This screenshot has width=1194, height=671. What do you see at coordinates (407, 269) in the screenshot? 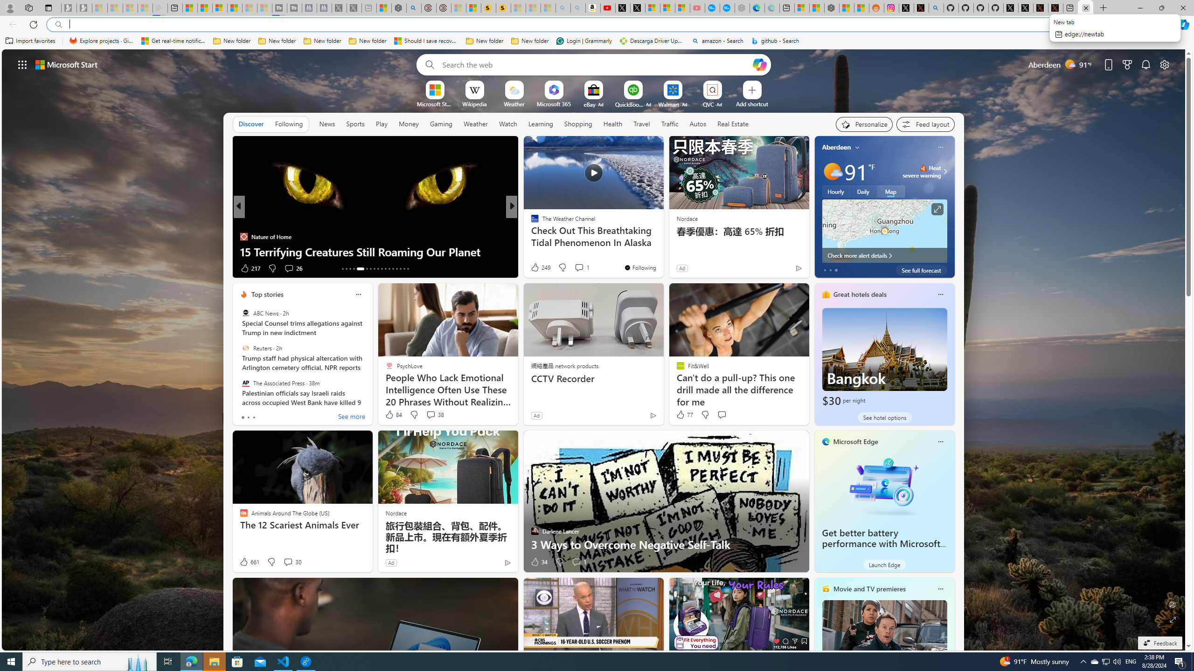
I see `'AutomationID: tab-29'` at bounding box center [407, 269].